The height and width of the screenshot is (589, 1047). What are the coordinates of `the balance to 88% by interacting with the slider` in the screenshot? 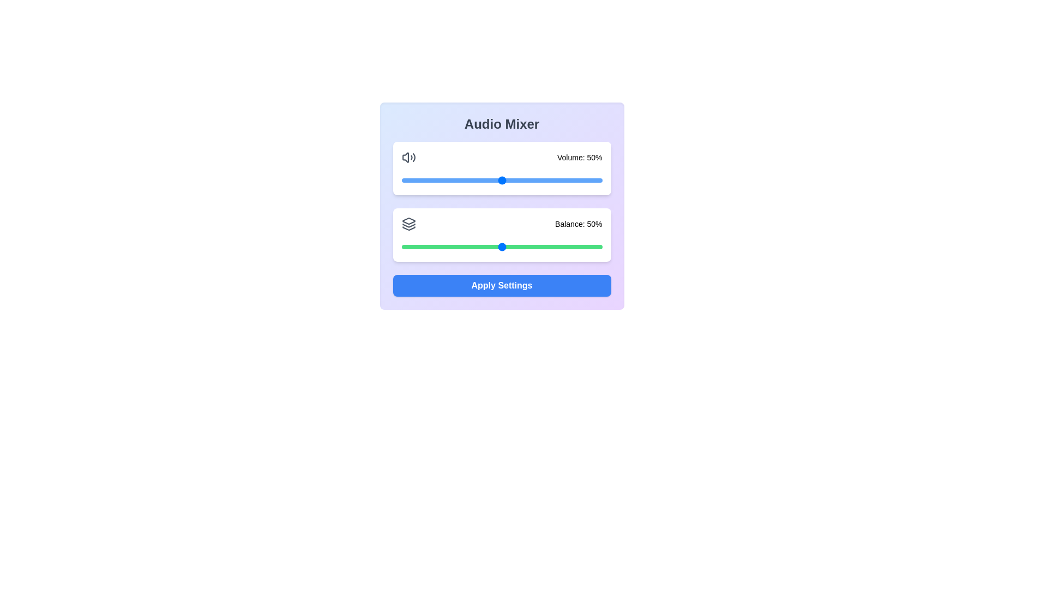 It's located at (577, 247).